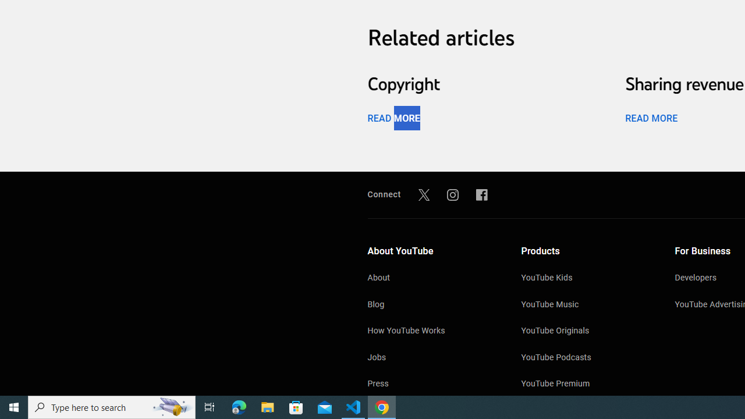 Image resolution: width=745 pixels, height=419 pixels. What do you see at coordinates (651, 118) in the screenshot?
I see `'READ MORE'` at bounding box center [651, 118].